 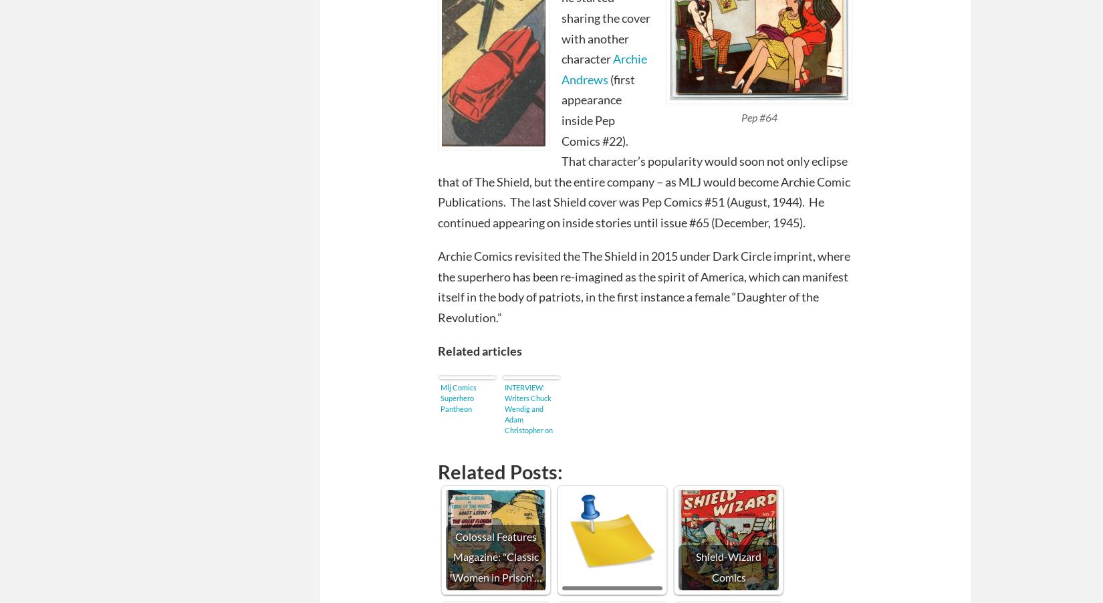 I want to click on 'Archie Andrews', so click(x=604, y=69).